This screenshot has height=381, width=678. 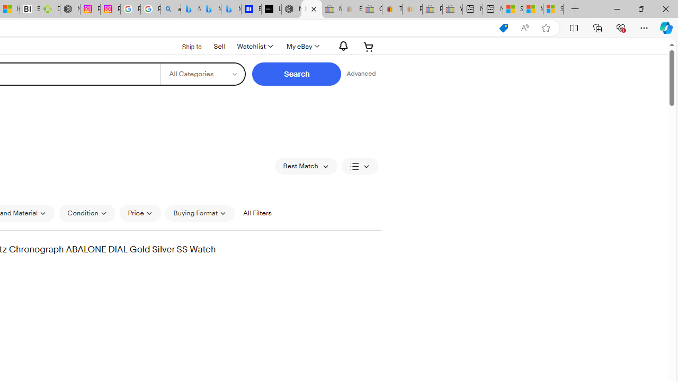 I want to click on 'Ship to', so click(x=185, y=47).